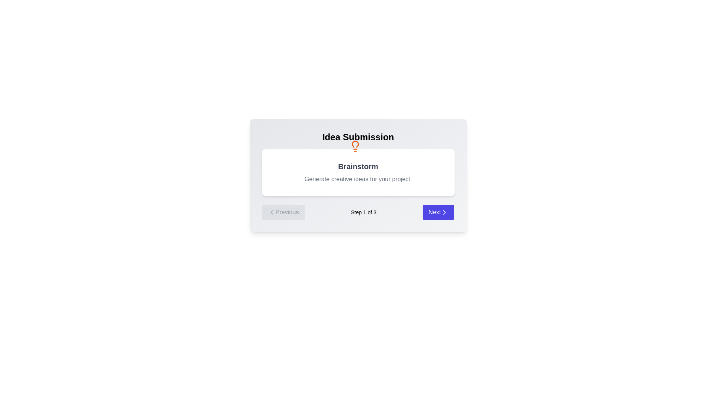 This screenshot has height=406, width=722. Describe the element at coordinates (355, 146) in the screenshot. I see `the step icon to observe its visual representation` at that location.